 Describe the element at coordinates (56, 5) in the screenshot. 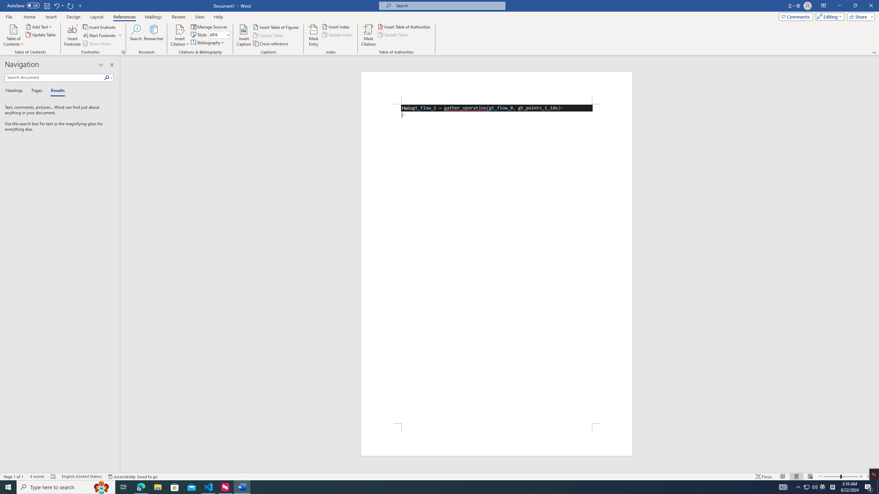

I see `'Undo Underline Style'` at that location.